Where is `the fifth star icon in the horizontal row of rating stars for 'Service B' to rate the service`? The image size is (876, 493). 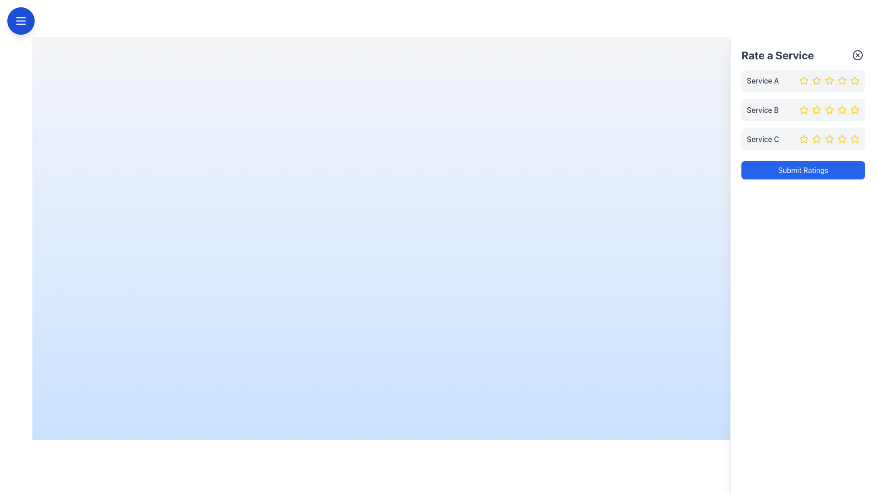 the fifth star icon in the horizontal row of rating stars for 'Service B' to rate the service is located at coordinates (854, 109).